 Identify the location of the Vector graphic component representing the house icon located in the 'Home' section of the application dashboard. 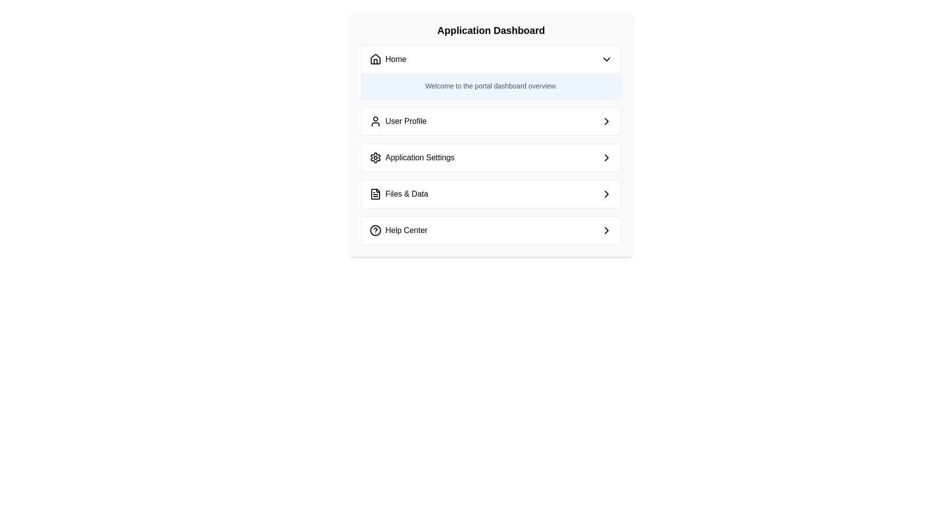
(375, 61).